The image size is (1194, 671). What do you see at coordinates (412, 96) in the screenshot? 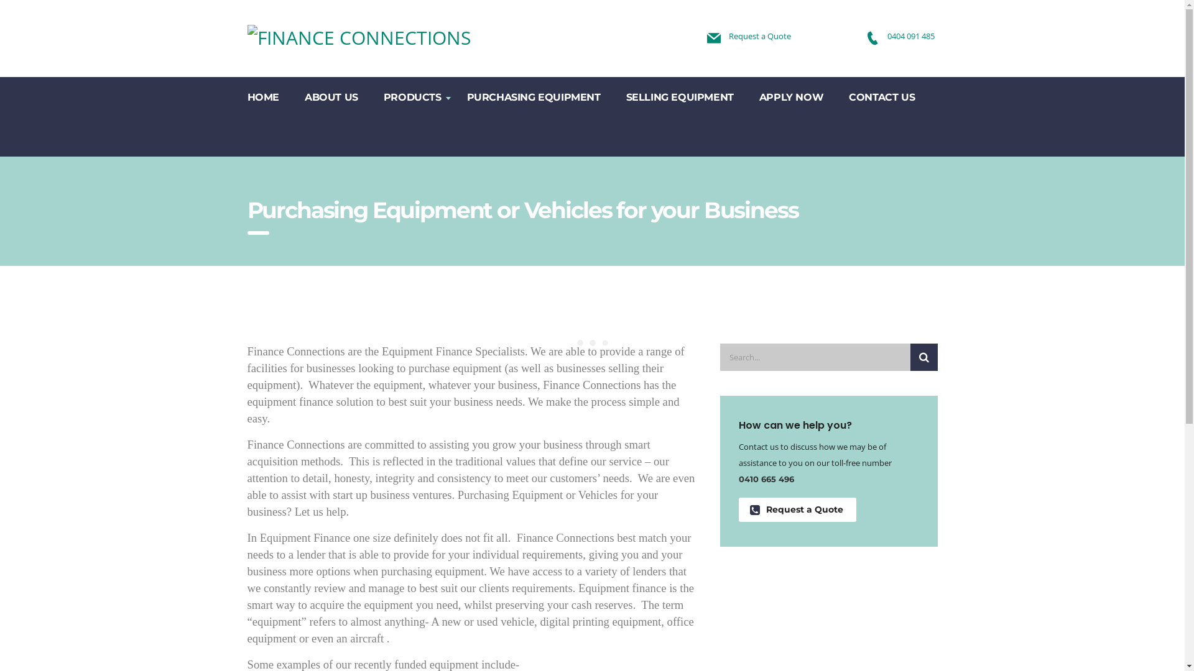
I see `'PRODUCTS'` at bounding box center [412, 96].